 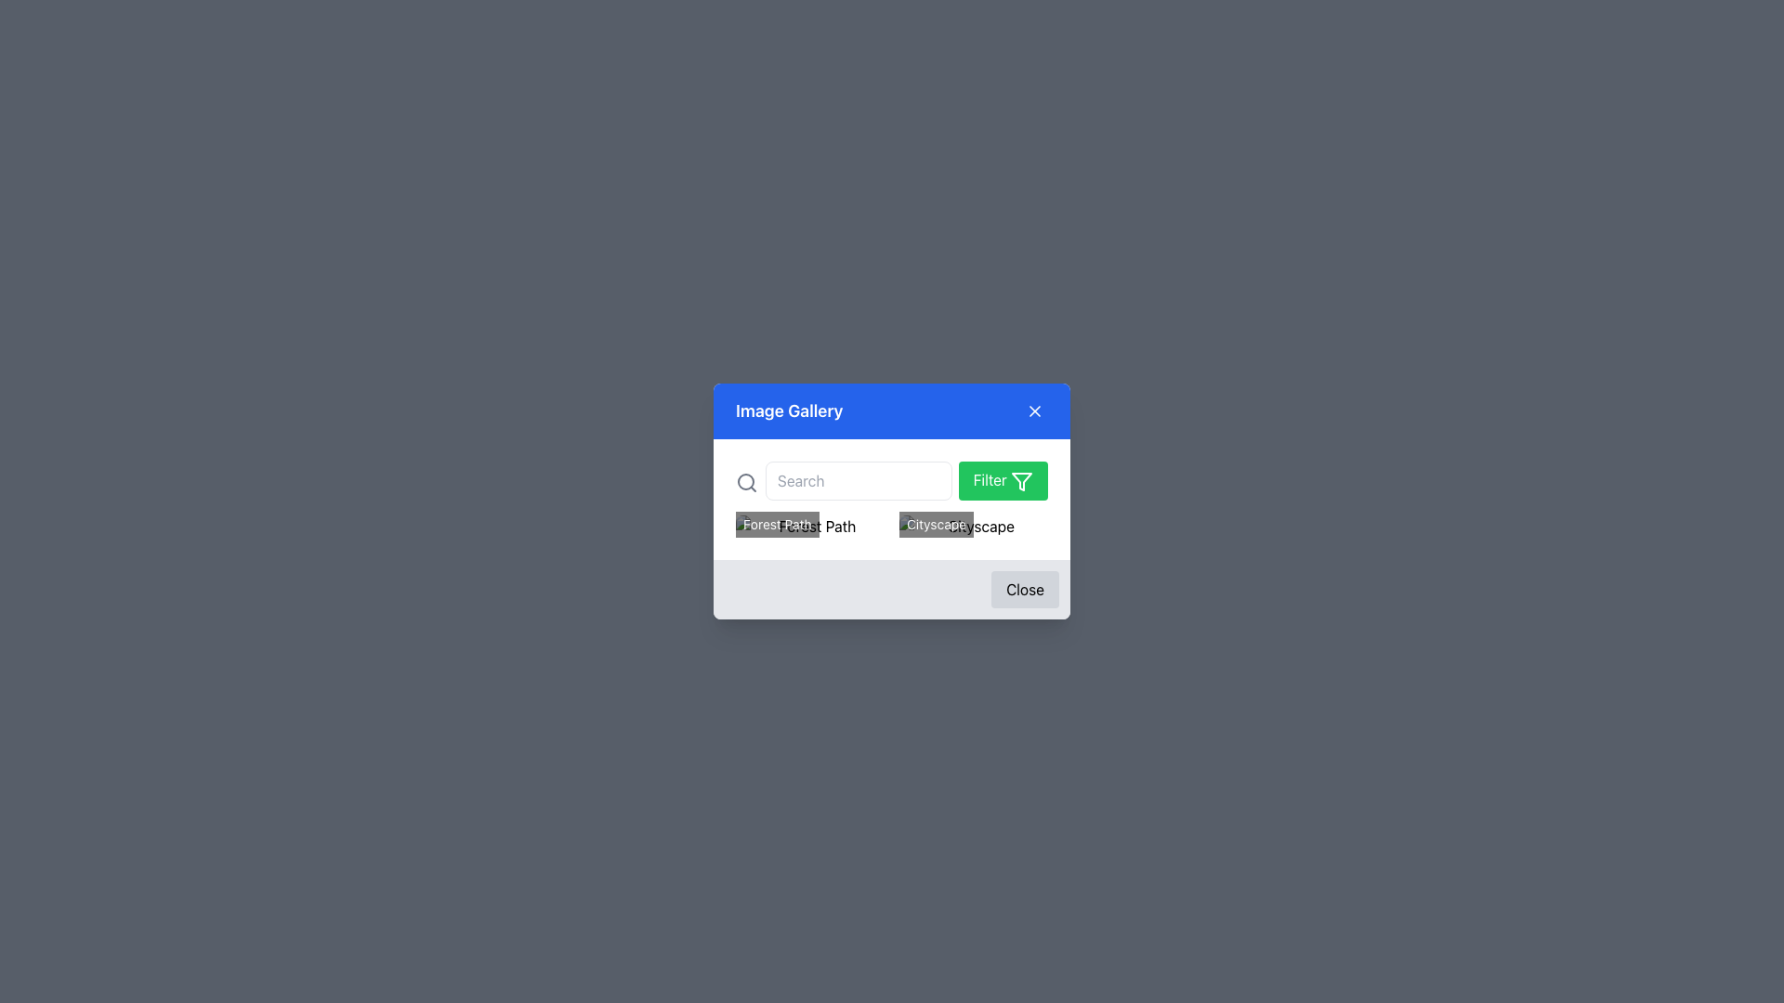 What do you see at coordinates (972, 527) in the screenshot?
I see `the second selectable image card` at bounding box center [972, 527].